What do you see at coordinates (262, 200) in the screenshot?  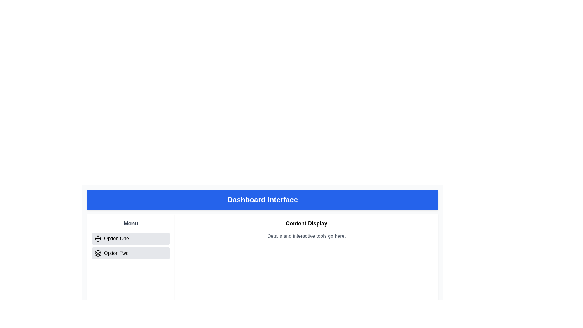 I see `label displaying 'Dashboard Interface' in bold, large white text on a blue background, centrally aligned within the header section` at bounding box center [262, 200].